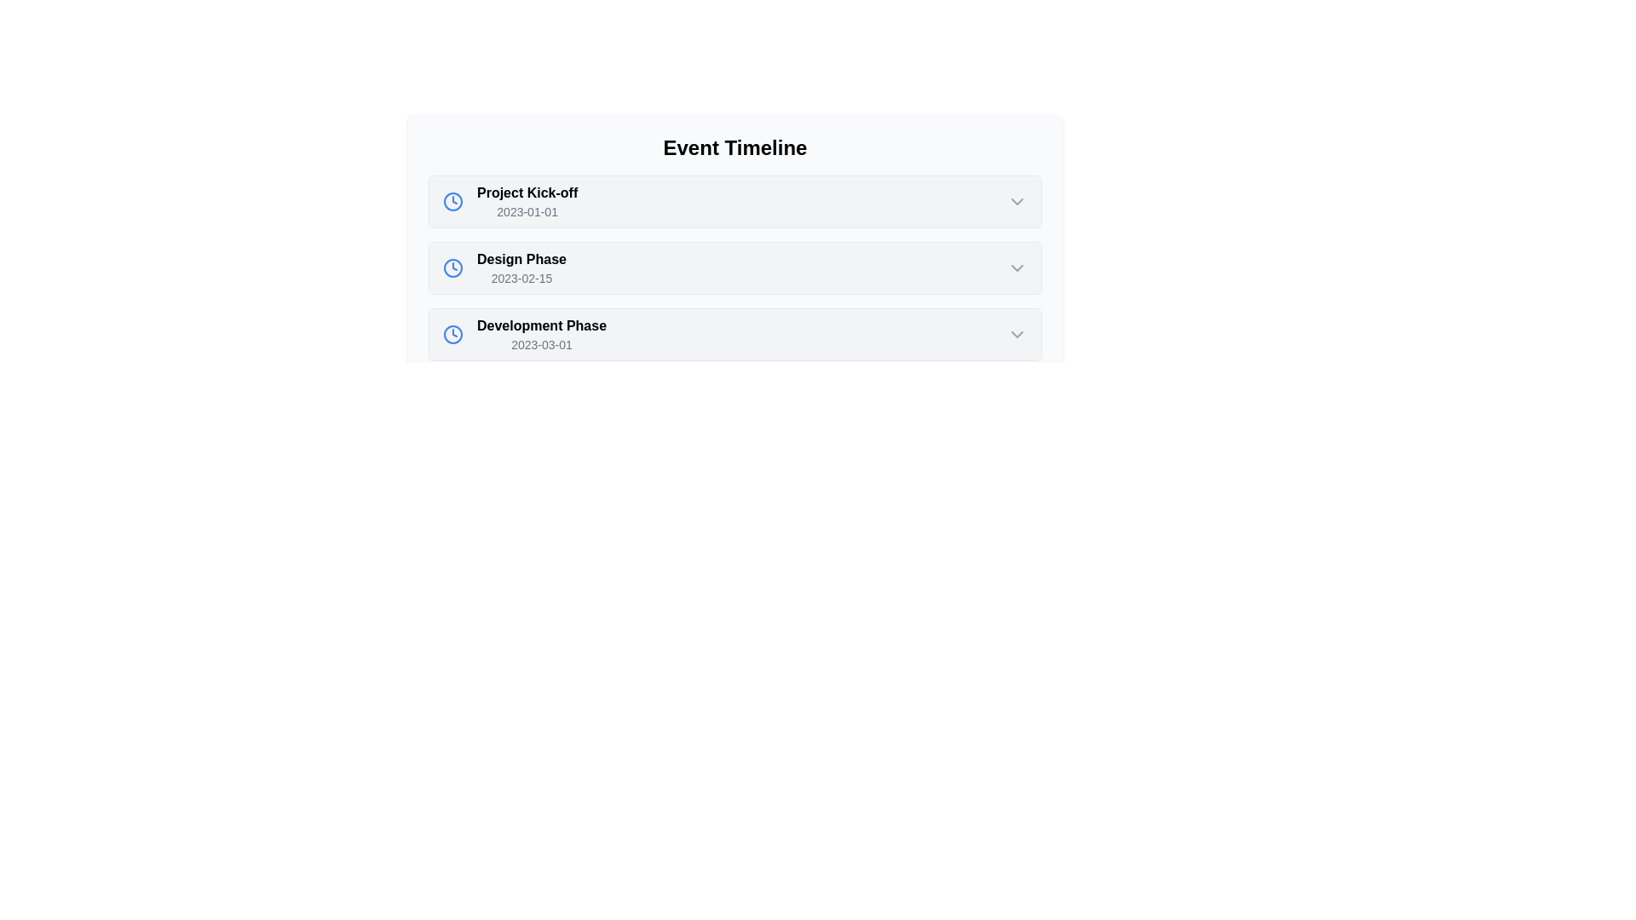  What do you see at coordinates (523, 335) in the screenshot?
I see `the Text Display with Icon that shows 'Development Phase' and includes a blue clock icon, located in the event timeline` at bounding box center [523, 335].